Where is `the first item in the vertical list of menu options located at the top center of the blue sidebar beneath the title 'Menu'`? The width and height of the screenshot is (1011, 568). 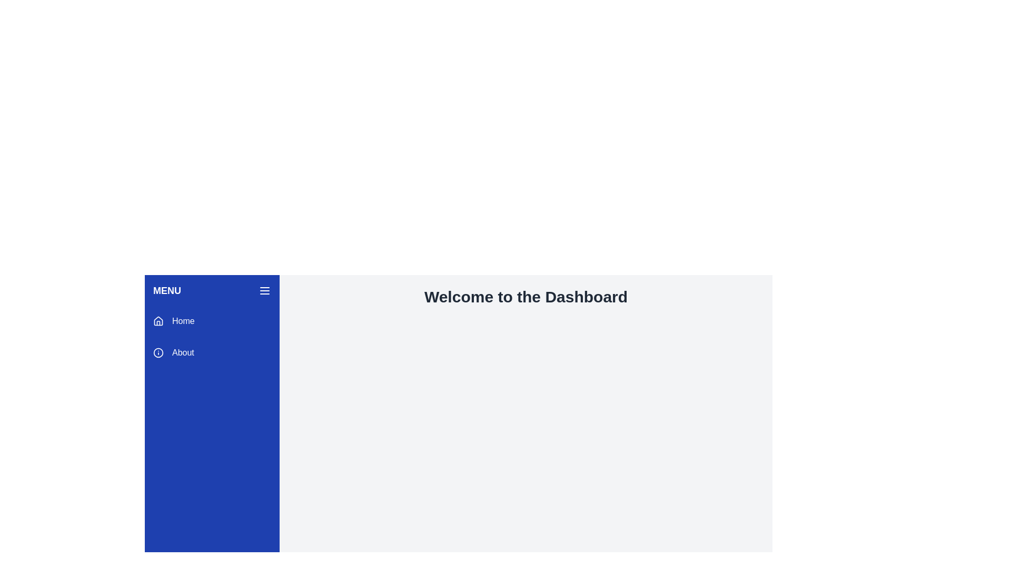 the first item in the vertical list of menu options located at the top center of the blue sidebar beneath the title 'Menu' is located at coordinates (212, 320).